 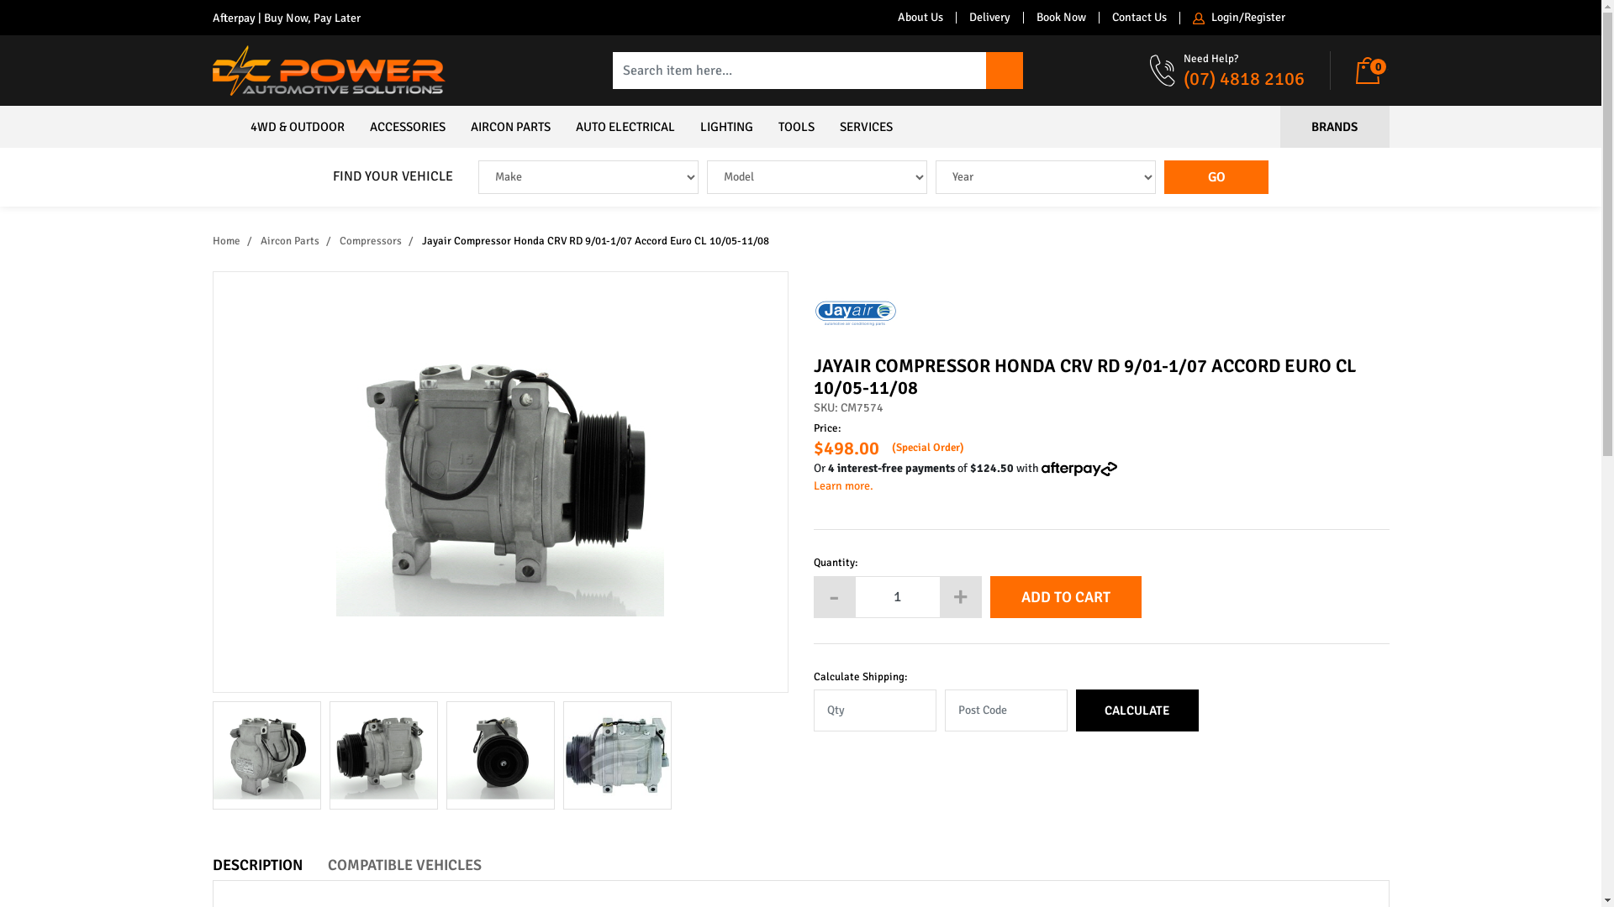 What do you see at coordinates (290, 240) in the screenshot?
I see `'Aircon Parts'` at bounding box center [290, 240].